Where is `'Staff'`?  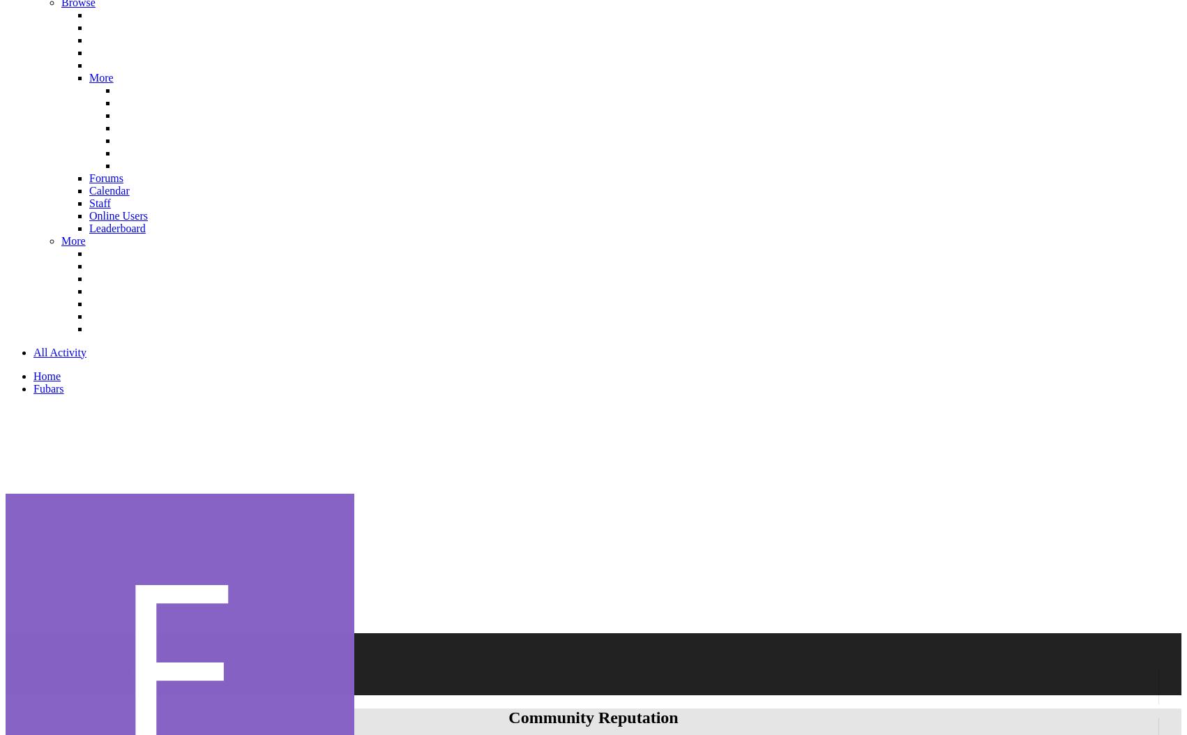
'Staff' is located at coordinates (99, 202).